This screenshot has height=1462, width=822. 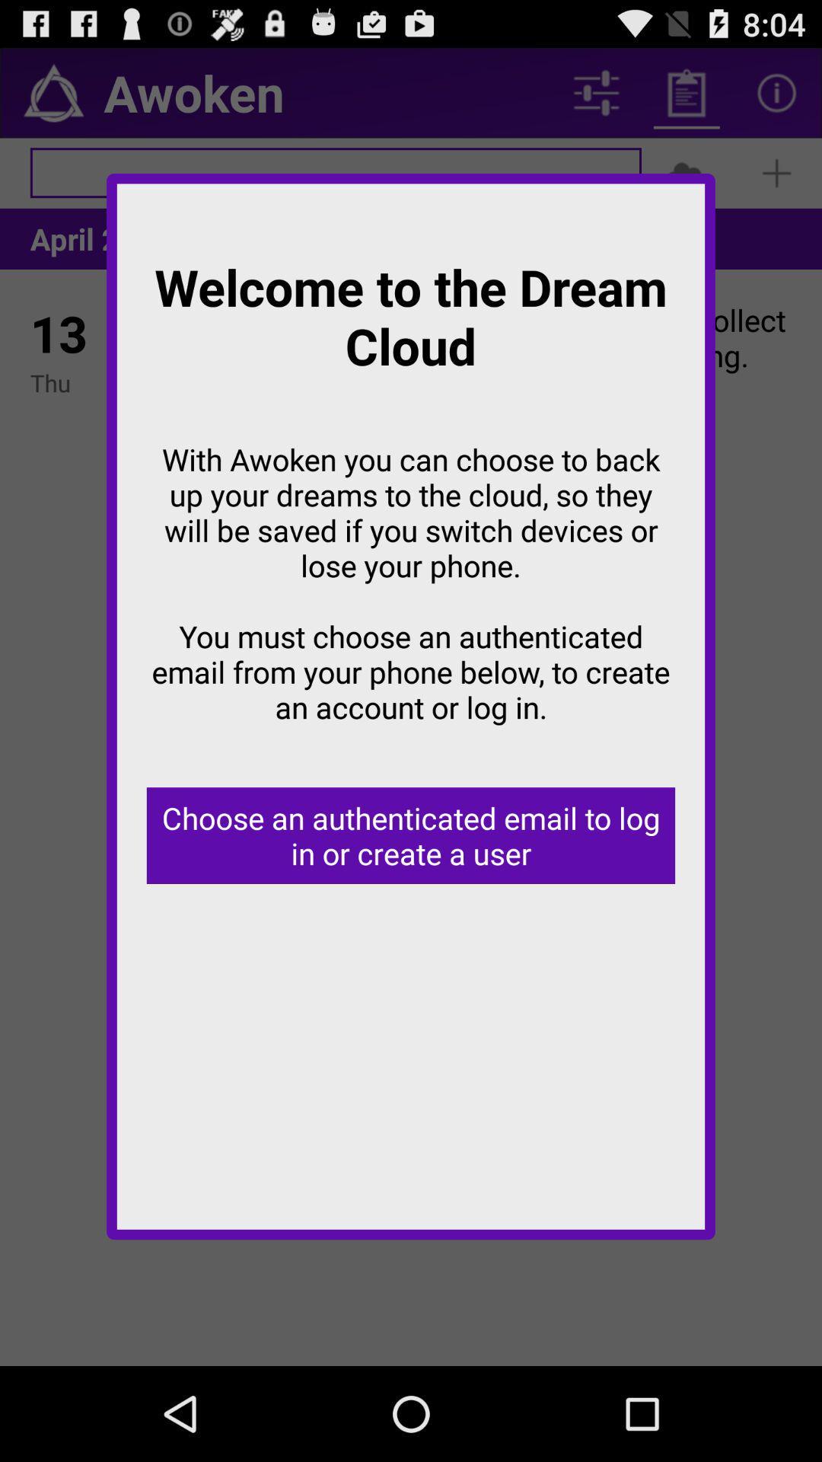 What do you see at coordinates (411, 835) in the screenshot?
I see `choose an authenticated item` at bounding box center [411, 835].